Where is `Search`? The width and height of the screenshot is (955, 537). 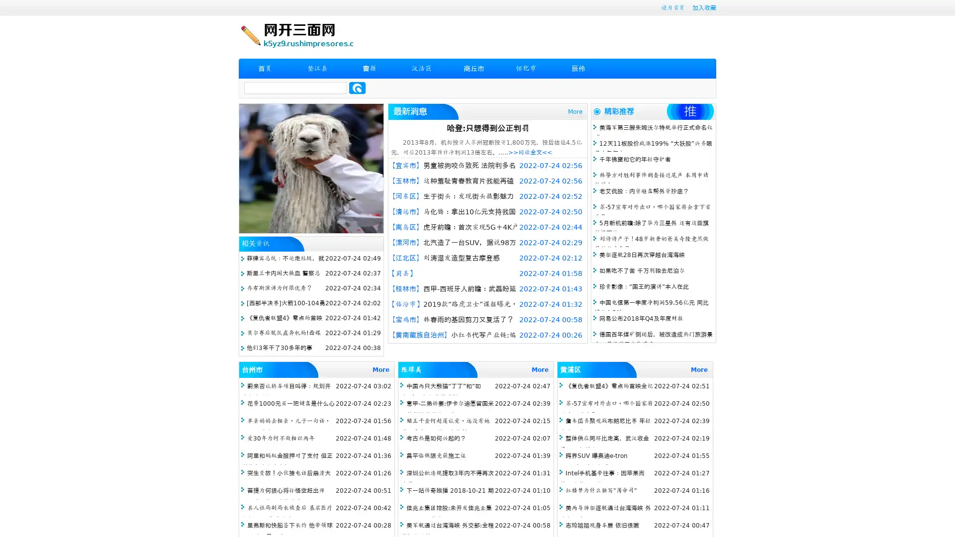 Search is located at coordinates (357, 88).